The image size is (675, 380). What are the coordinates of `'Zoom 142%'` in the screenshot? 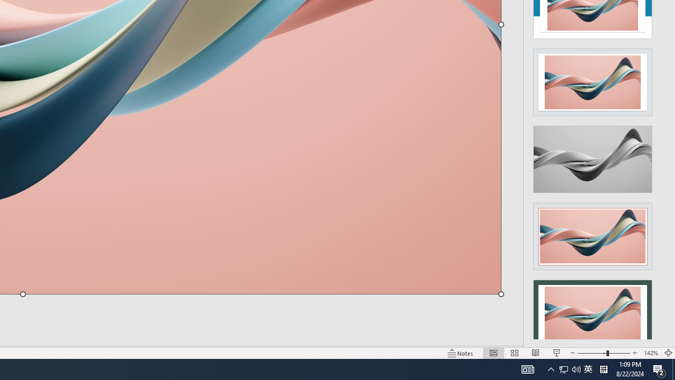 It's located at (650, 353).